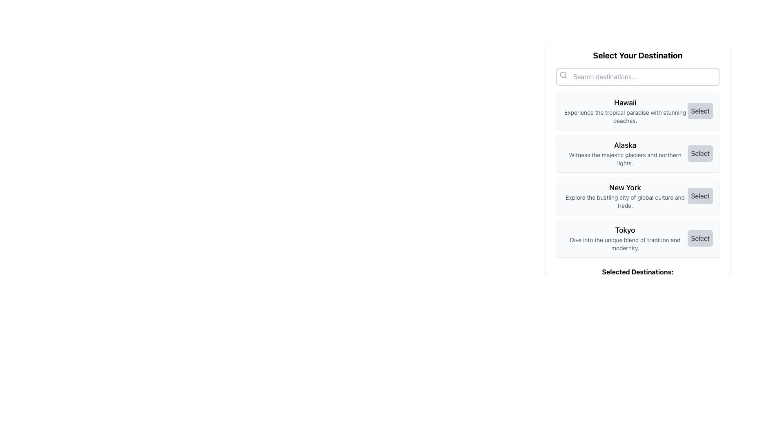 The image size is (784, 441). I want to click on the descriptive text label for the destination "Hawaii", which is located below the search bar and above the "Alaska" entry in the vertically stacked list of destination options, so click(625, 111).